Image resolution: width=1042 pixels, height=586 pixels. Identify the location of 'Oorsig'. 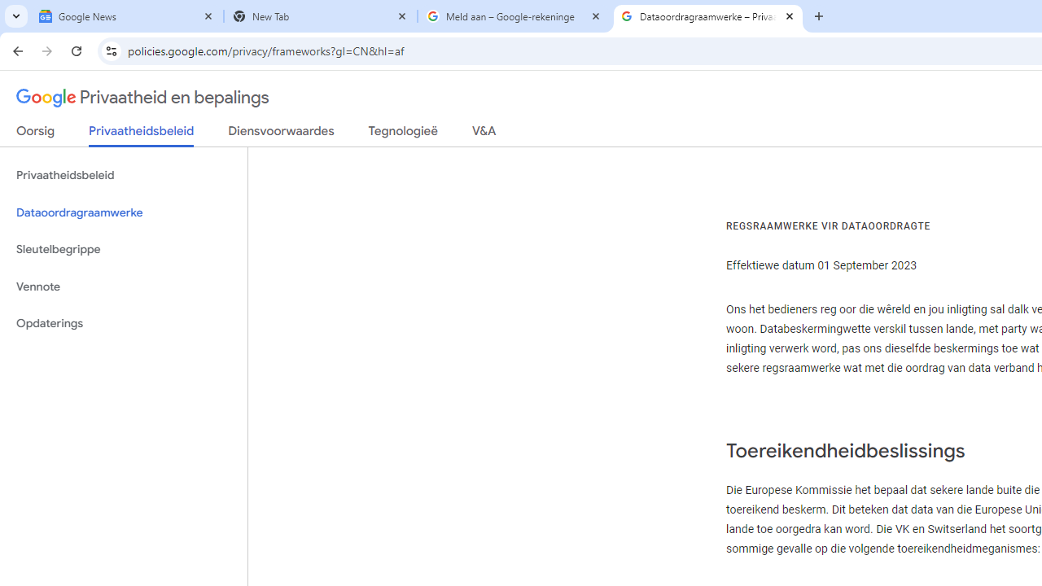
(36, 133).